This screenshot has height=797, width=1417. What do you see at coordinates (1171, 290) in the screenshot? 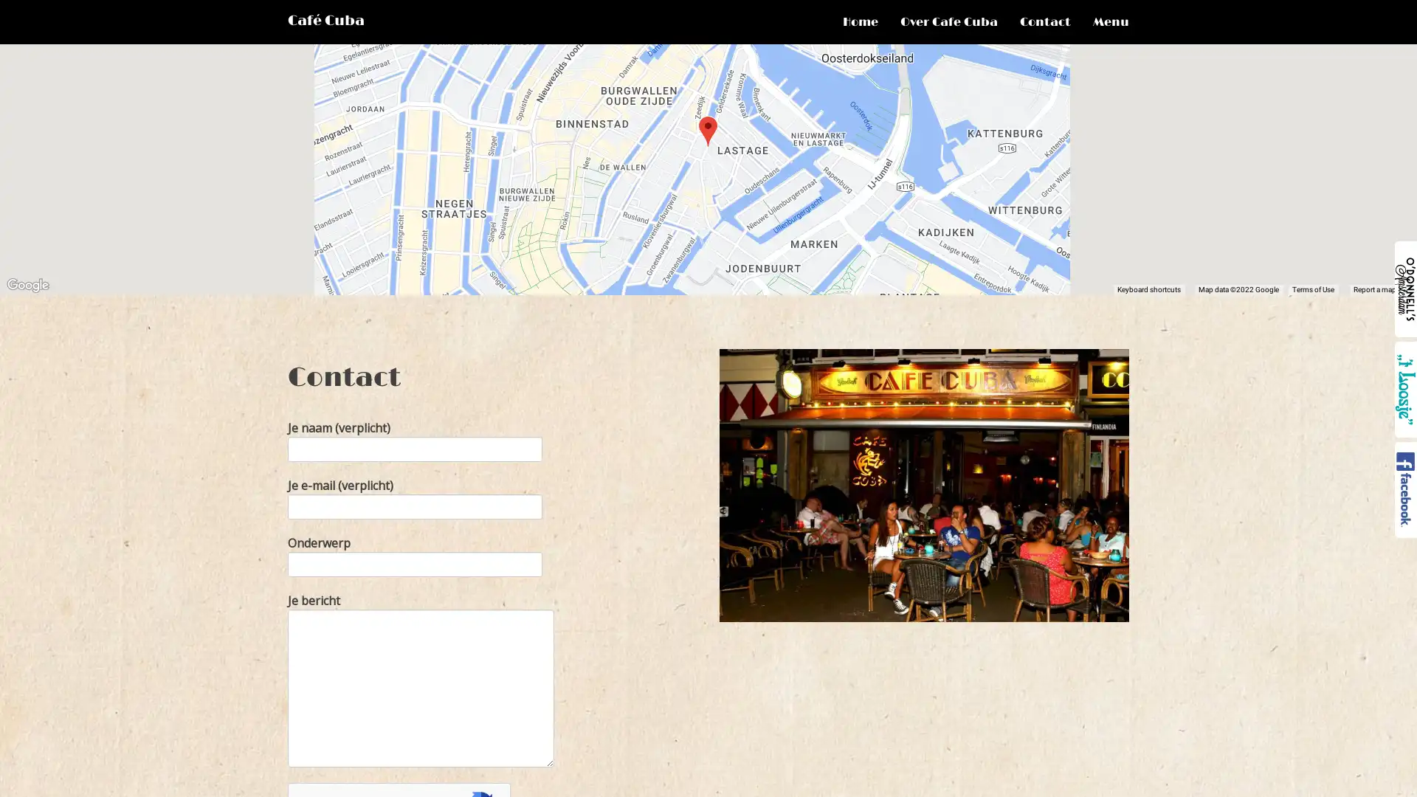
I see `Keyboard shortcuts` at bounding box center [1171, 290].